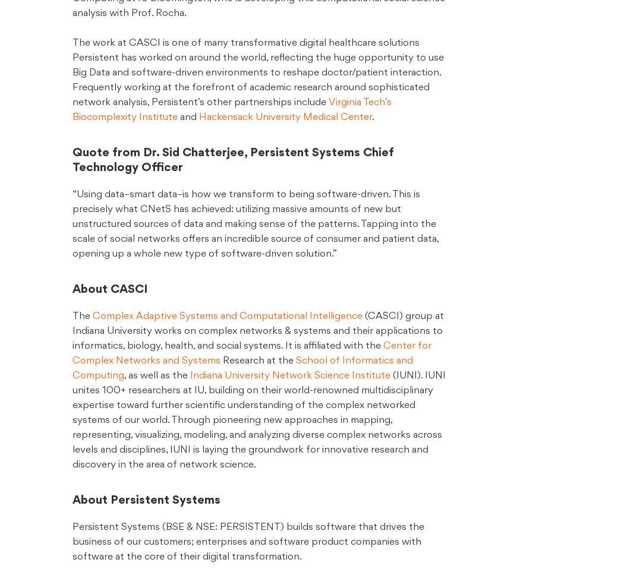  I want to click on 'Indiana University Network Science Institute', so click(290, 375).